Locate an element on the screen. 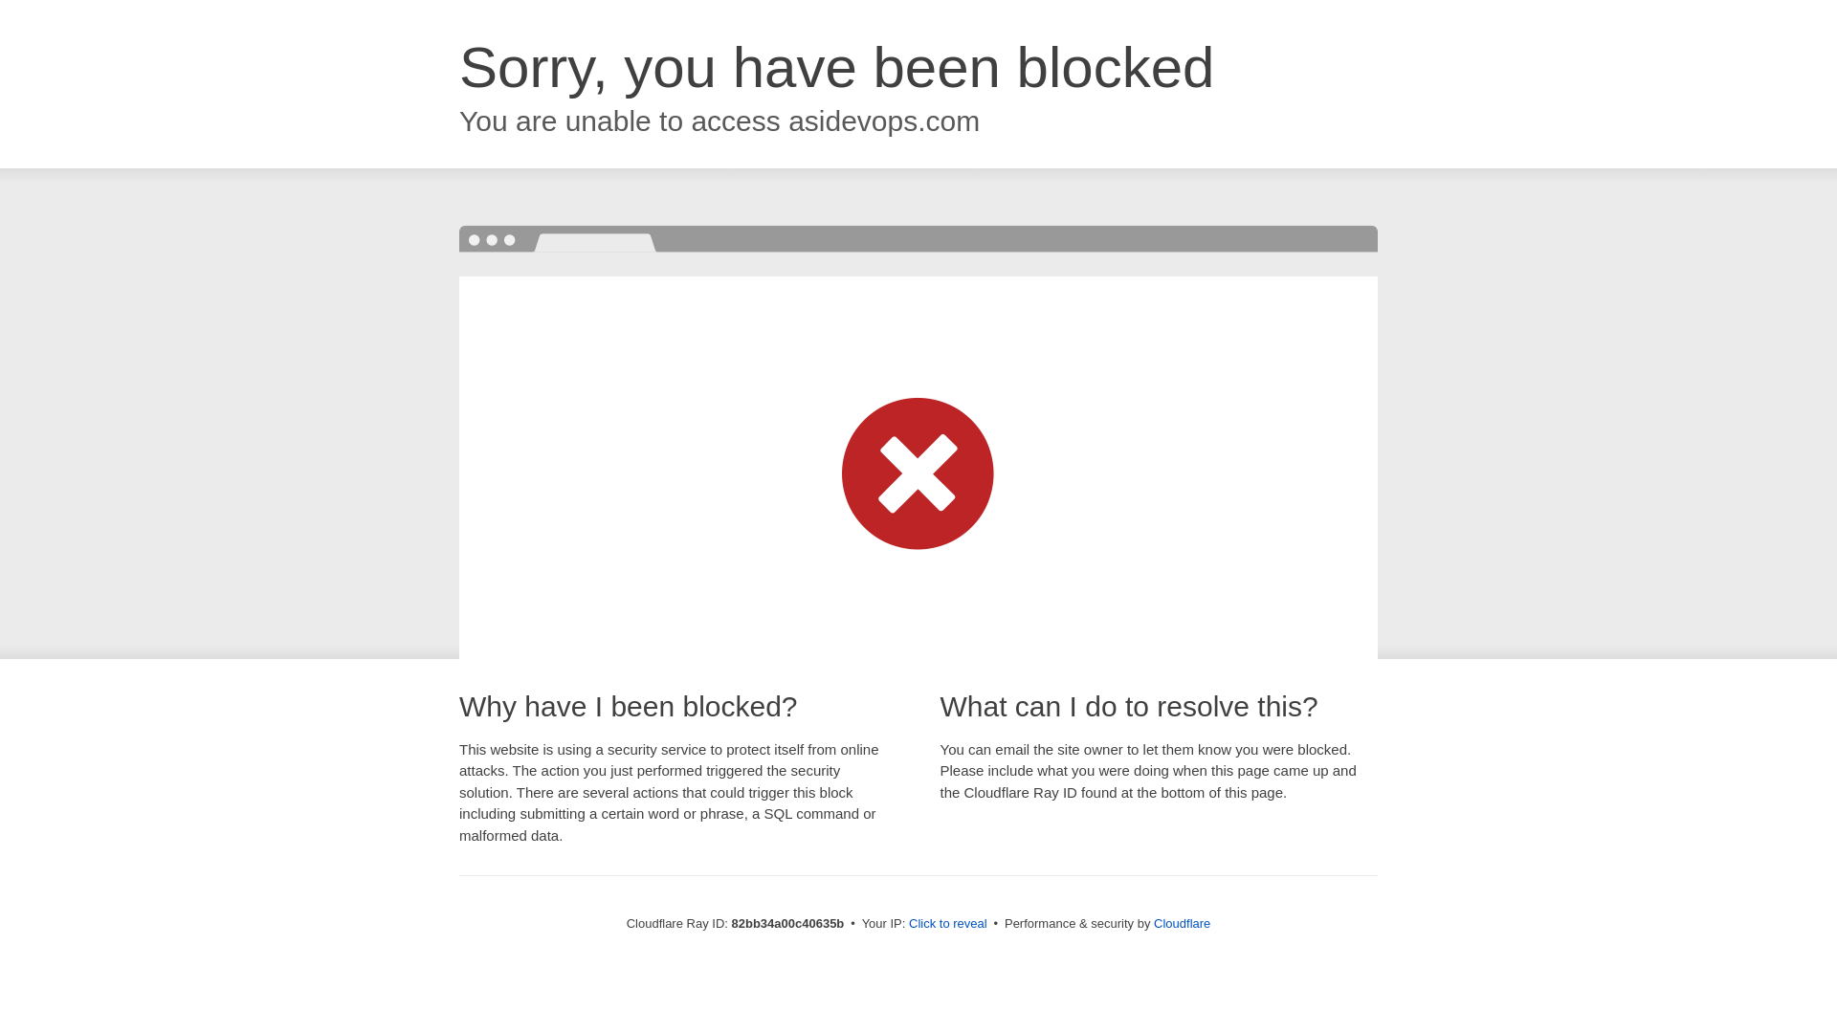  'Cloudflare' is located at coordinates (1181, 922).